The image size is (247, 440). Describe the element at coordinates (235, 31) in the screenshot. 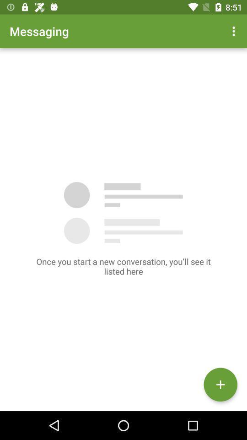

I see `item at the top right corner` at that location.